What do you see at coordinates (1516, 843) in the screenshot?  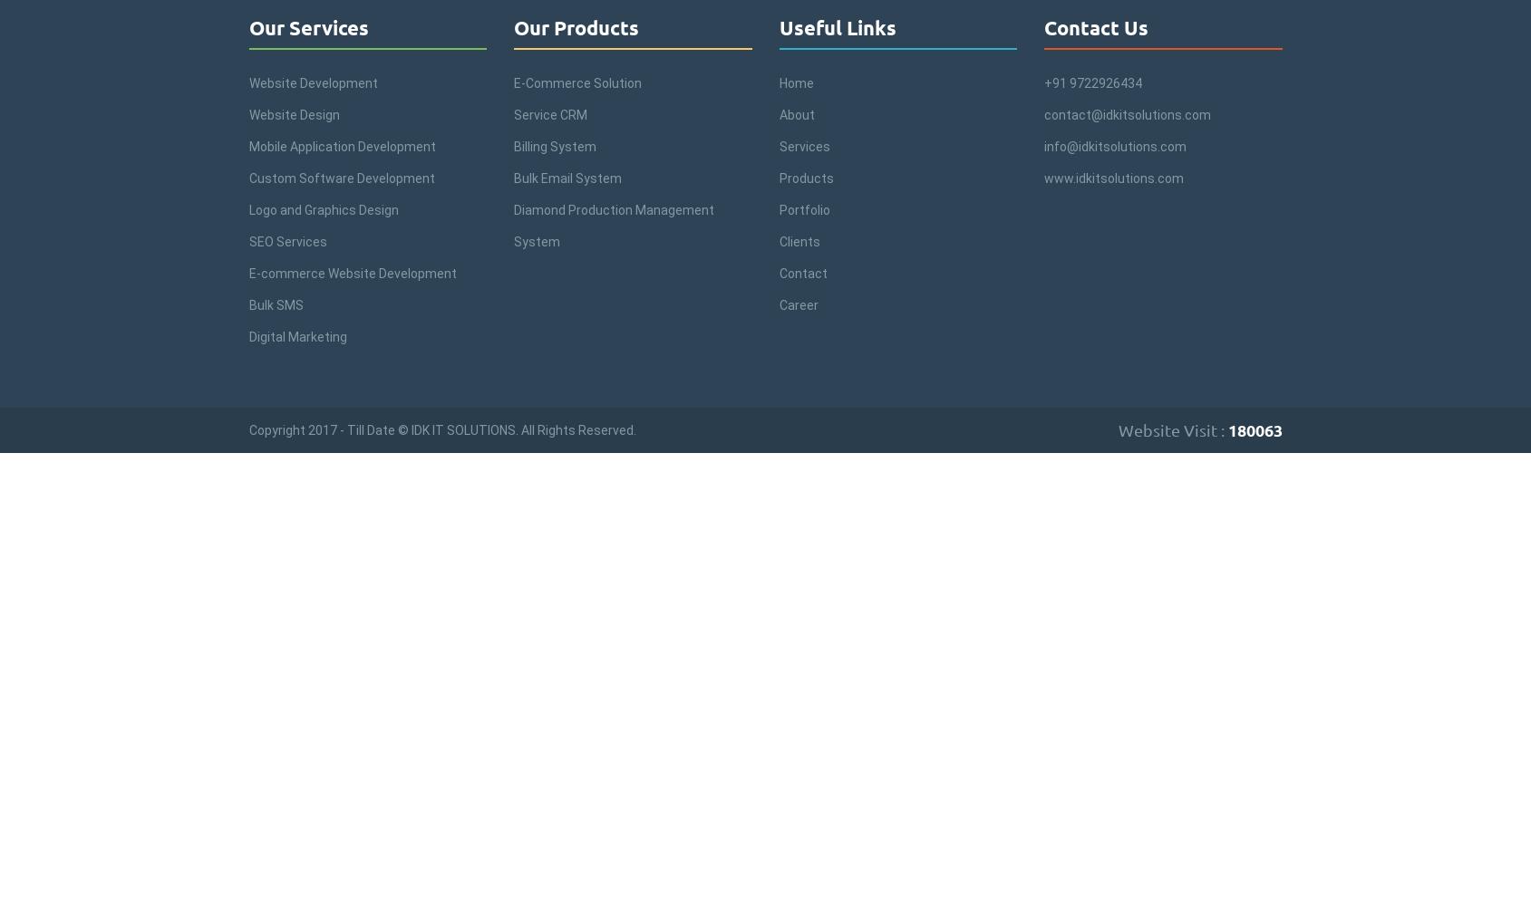 I see `'Top'` at bounding box center [1516, 843].